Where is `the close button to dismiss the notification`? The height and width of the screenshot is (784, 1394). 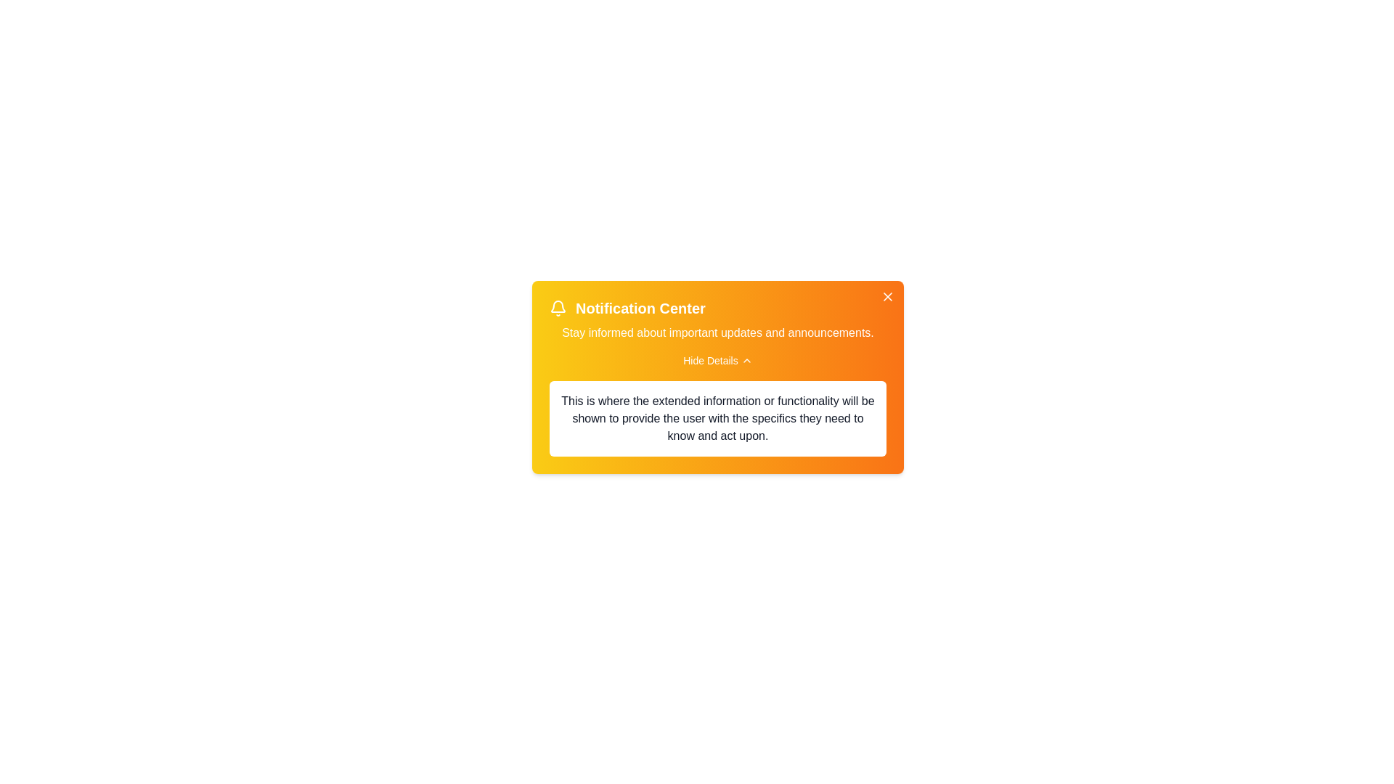 the close button to dismiss the notification is located at coordinates (887, 295).